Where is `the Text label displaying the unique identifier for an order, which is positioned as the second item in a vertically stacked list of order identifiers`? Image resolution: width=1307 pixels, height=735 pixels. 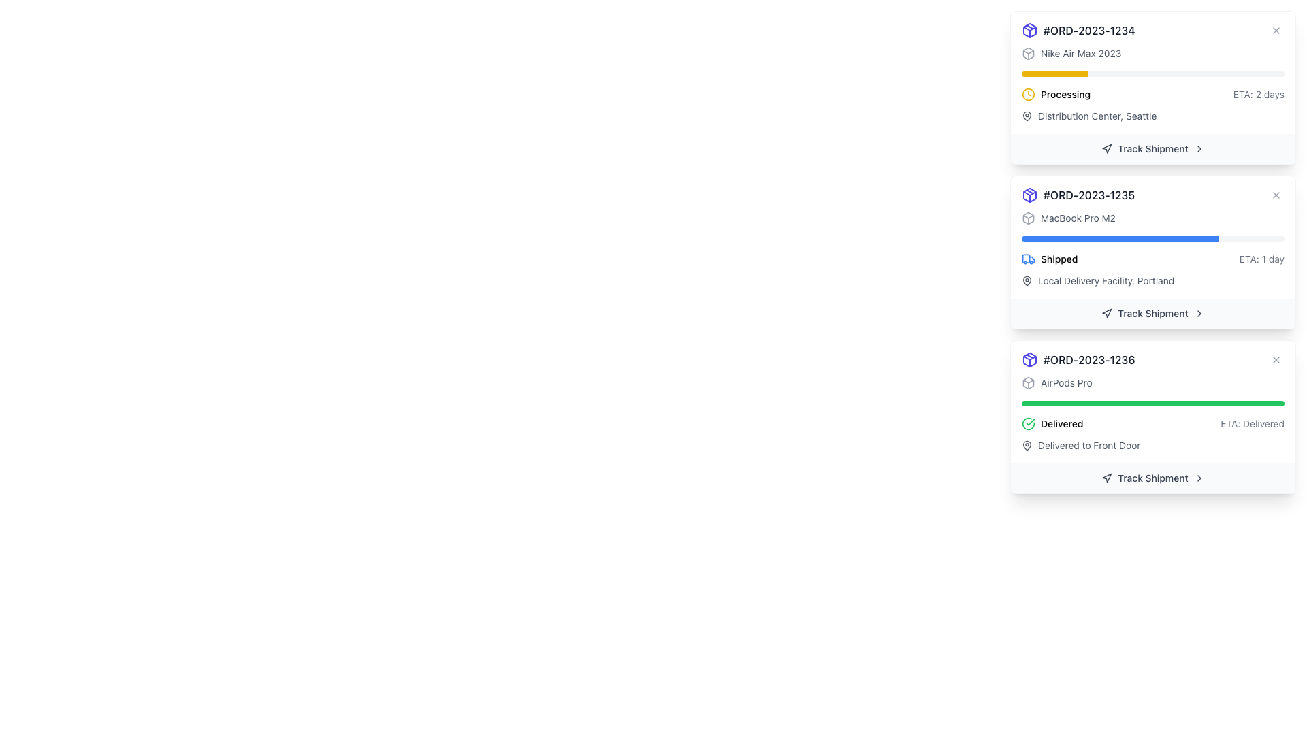 the Text label displaying the unique identifier for an order, which is positioned as the second item in a vertically stacked list of order identifiers is located at coordinates (1078, 195).